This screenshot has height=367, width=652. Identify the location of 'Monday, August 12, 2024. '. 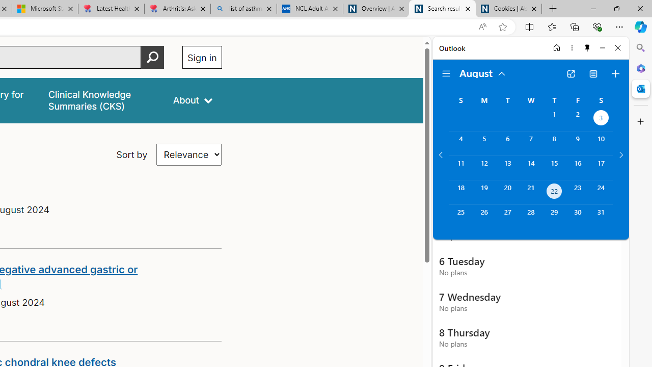
(483, 167).